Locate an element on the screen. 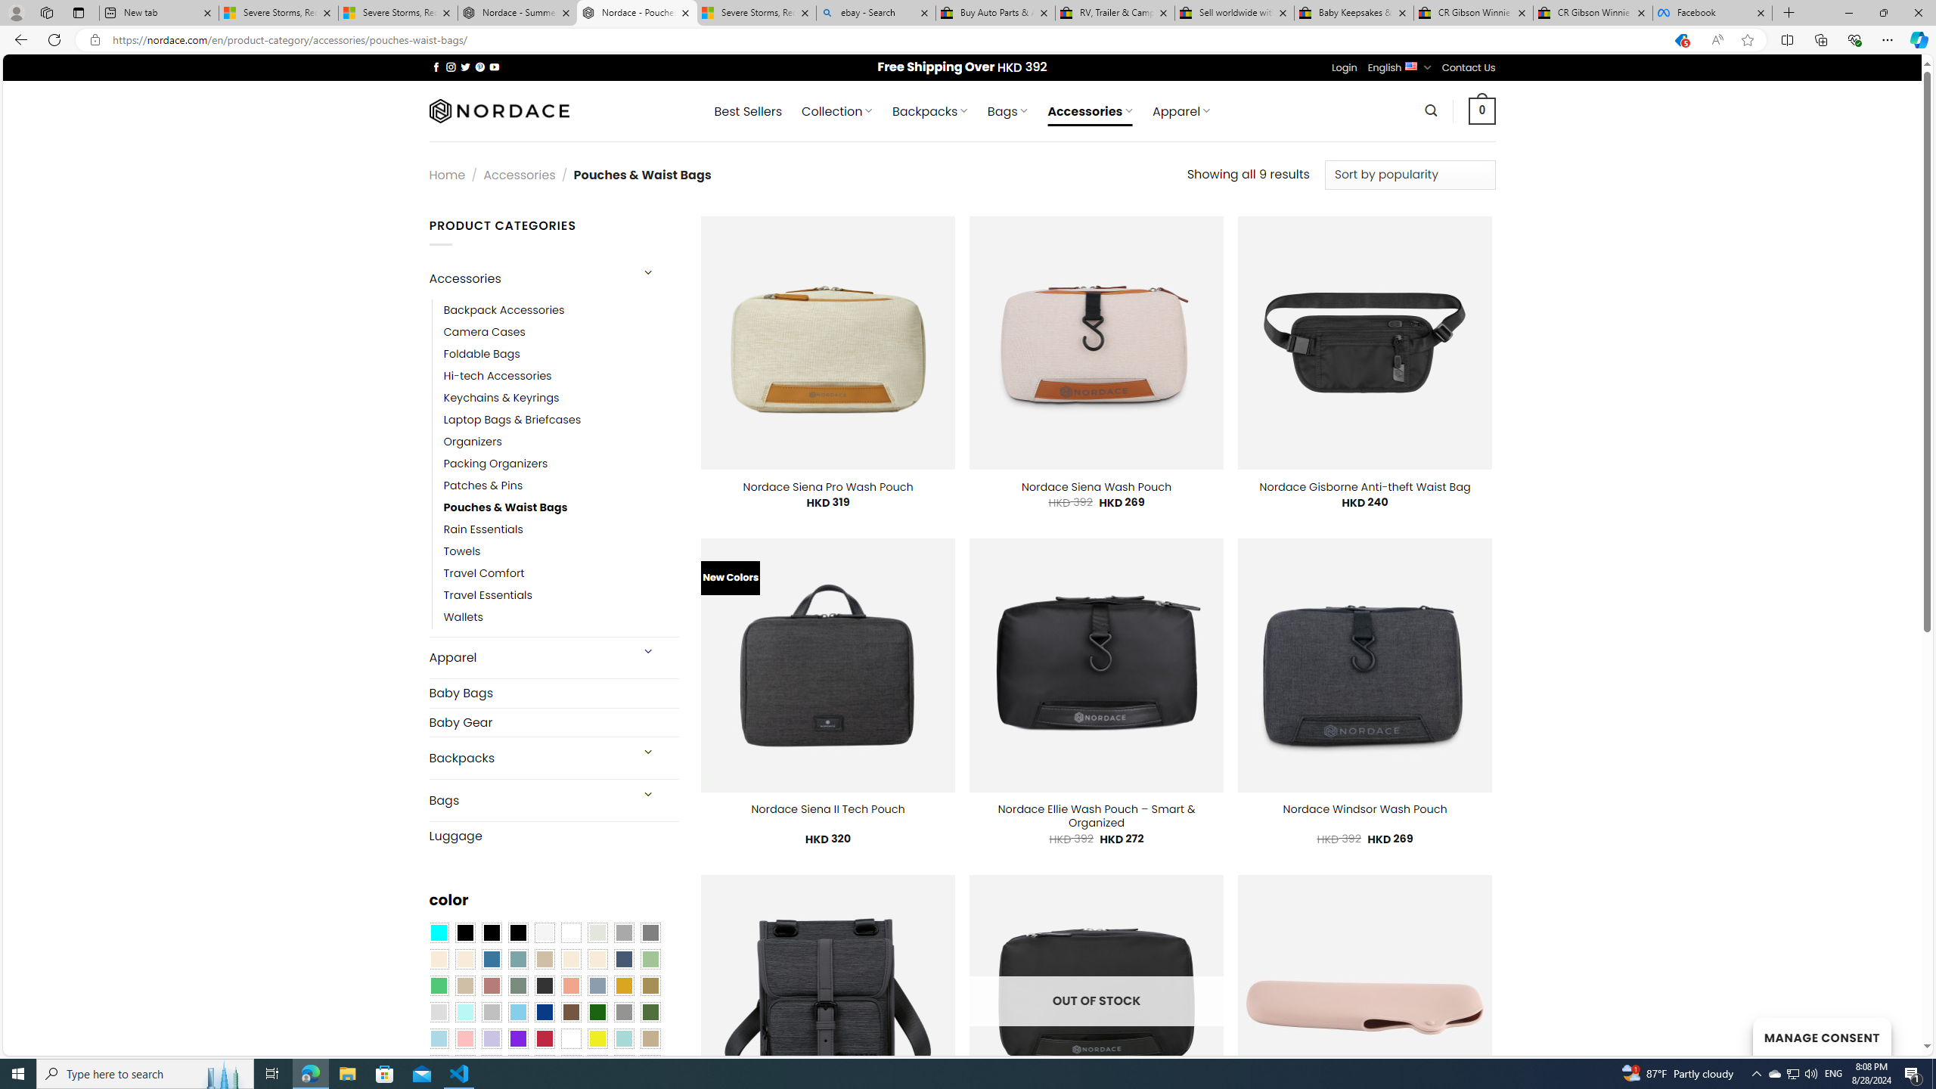 This screenshot has height=1089, width=1936. 'Travel Essentials' is located at coordinates (487, 596).